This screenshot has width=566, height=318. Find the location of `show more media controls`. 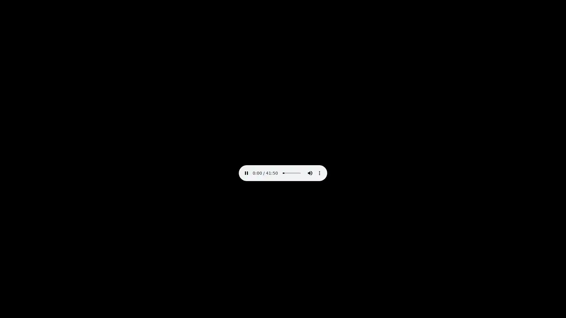

show more media controls is located at coordinates (319, 173).